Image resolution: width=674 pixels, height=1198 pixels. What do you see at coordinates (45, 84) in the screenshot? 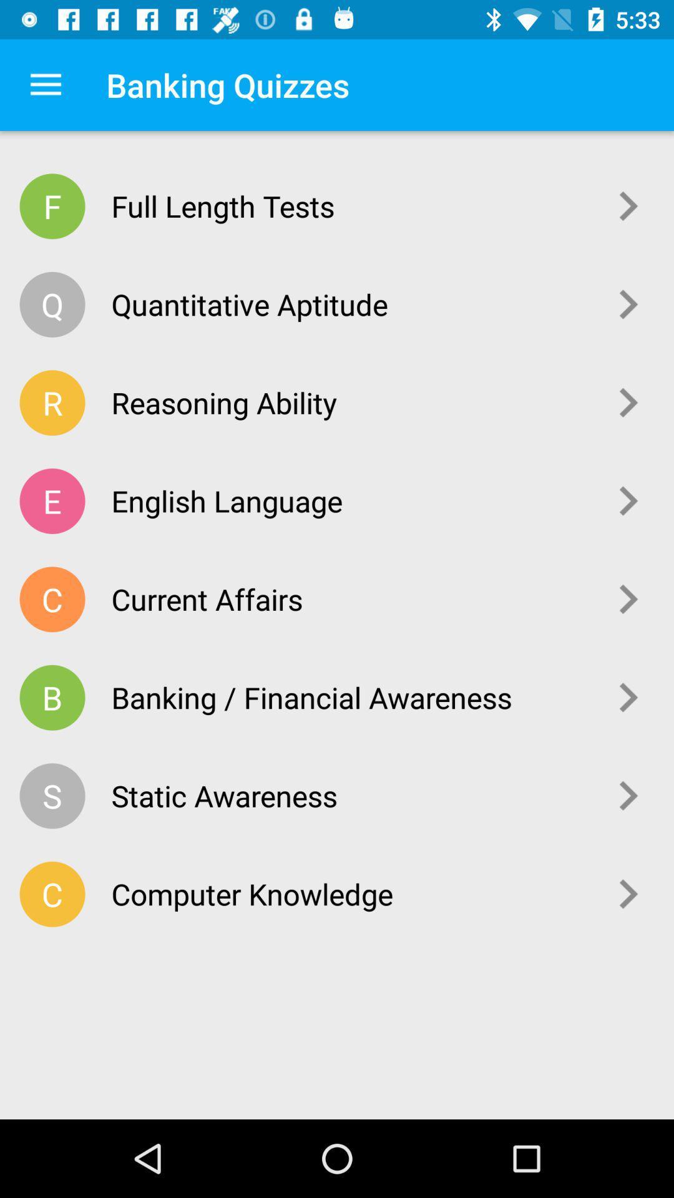
I see `the icon above f item` at bounding box center [45, 84].